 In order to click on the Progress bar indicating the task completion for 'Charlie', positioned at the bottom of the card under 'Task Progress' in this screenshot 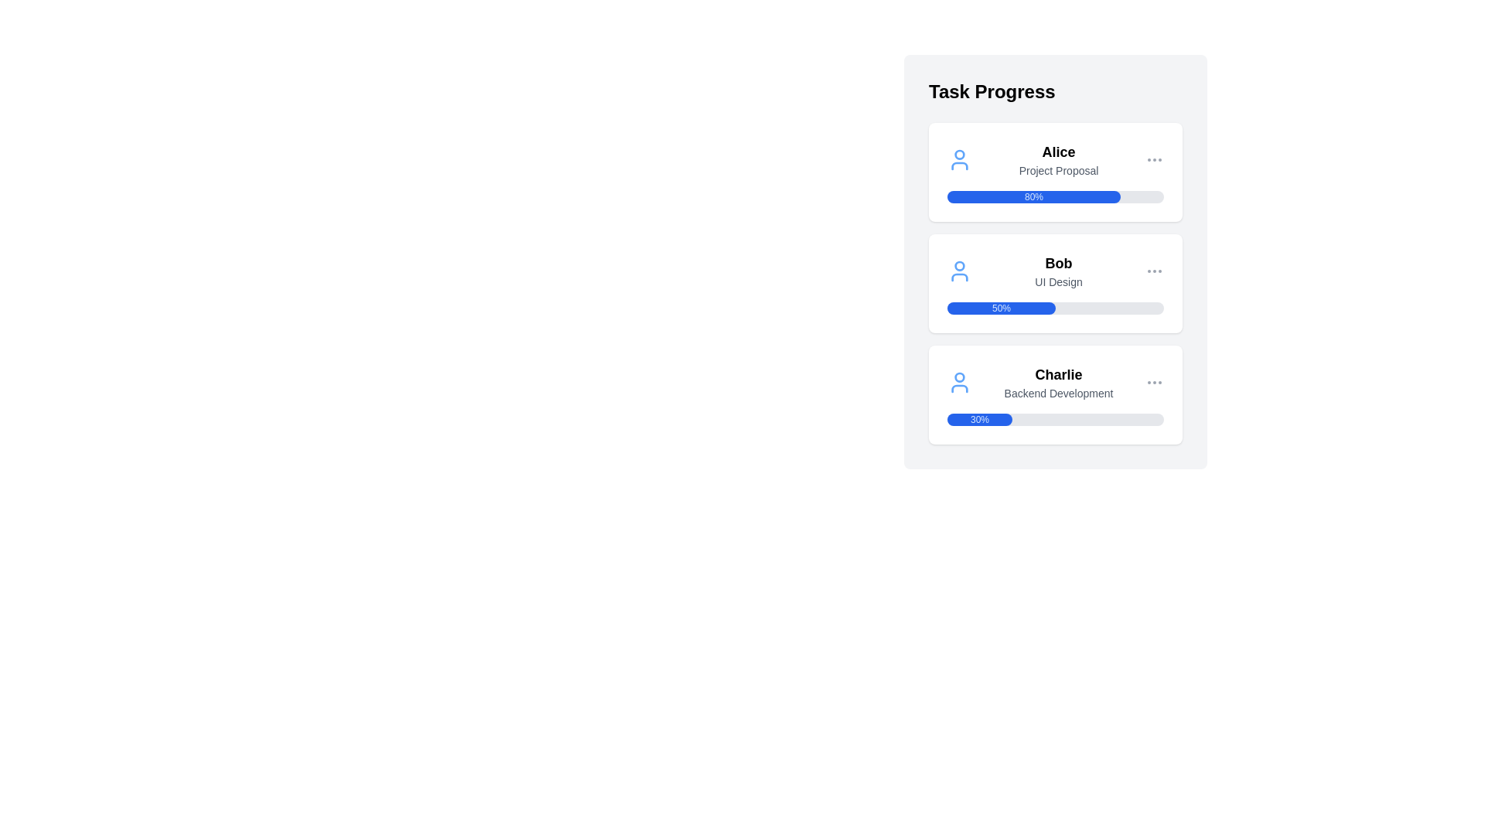, I will do `click(1054, 420)`.